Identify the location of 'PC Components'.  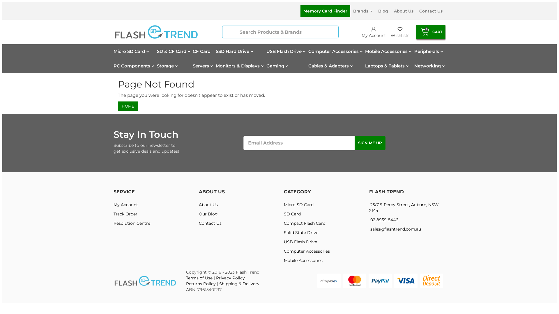
(134, 66).